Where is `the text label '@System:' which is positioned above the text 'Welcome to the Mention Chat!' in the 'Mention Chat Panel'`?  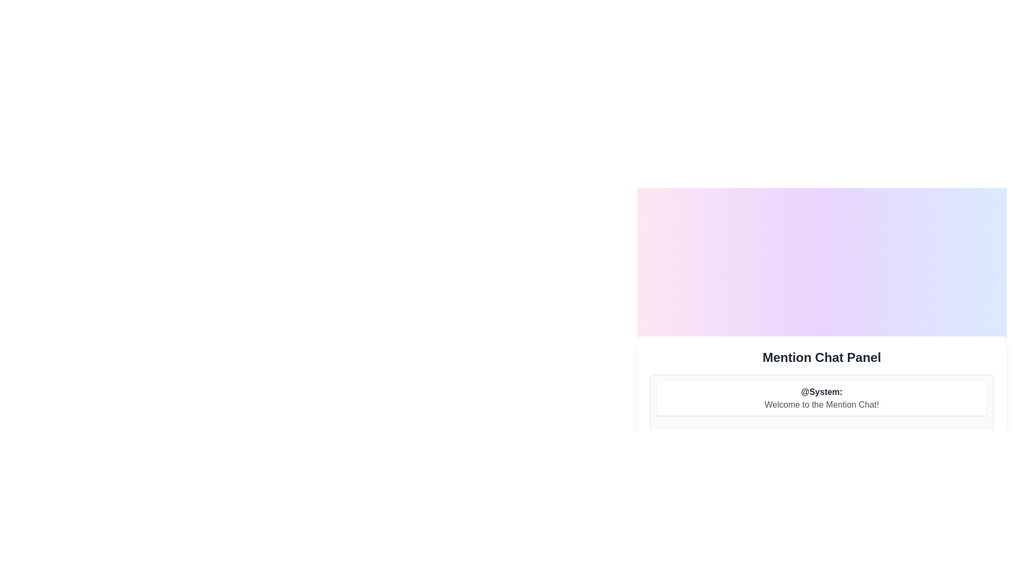
the text label '@System:' which is positioned above the text 'Welcome to the Mention Chat!' in the 'Mention Chat Panel' is located at coordinates (821, 392).